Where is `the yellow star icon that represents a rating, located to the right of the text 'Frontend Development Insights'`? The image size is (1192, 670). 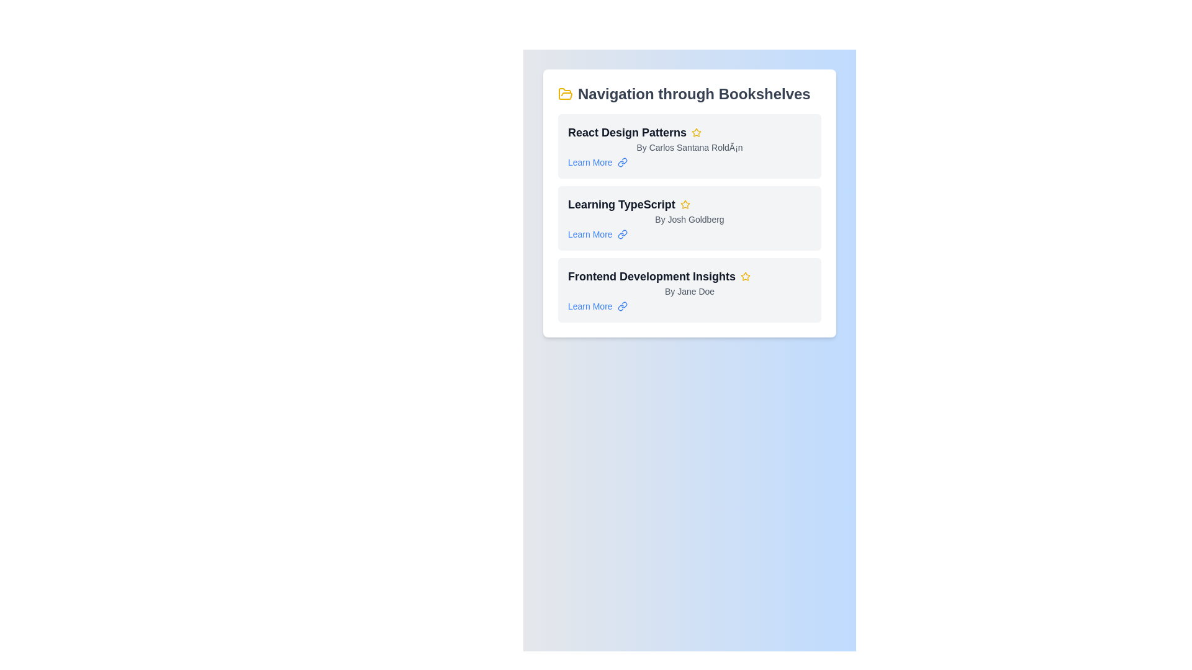
the yellow star icon that represents a rating, located to the right of the text 'Frontend Development Insights' is located at coordinates (745, 276).